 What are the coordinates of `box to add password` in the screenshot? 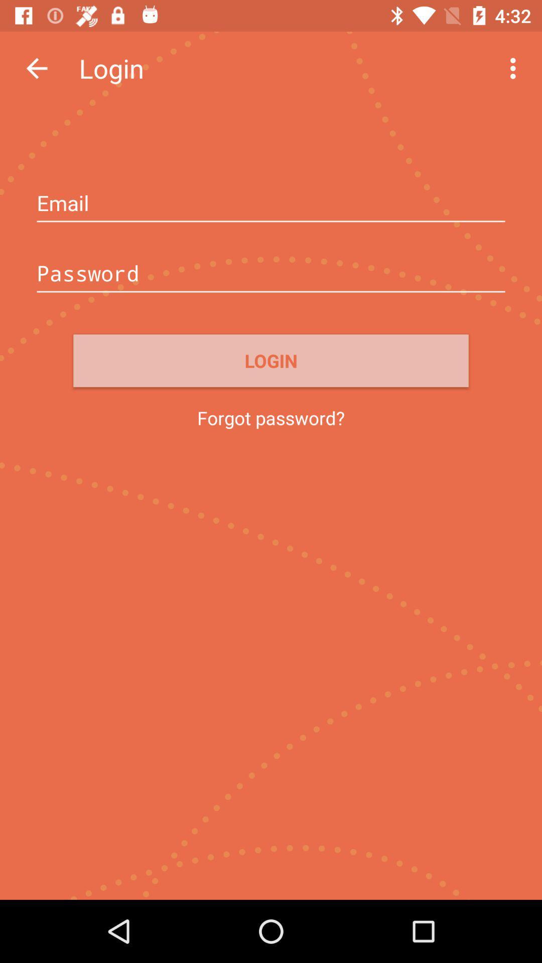 It's located at (271, 274).